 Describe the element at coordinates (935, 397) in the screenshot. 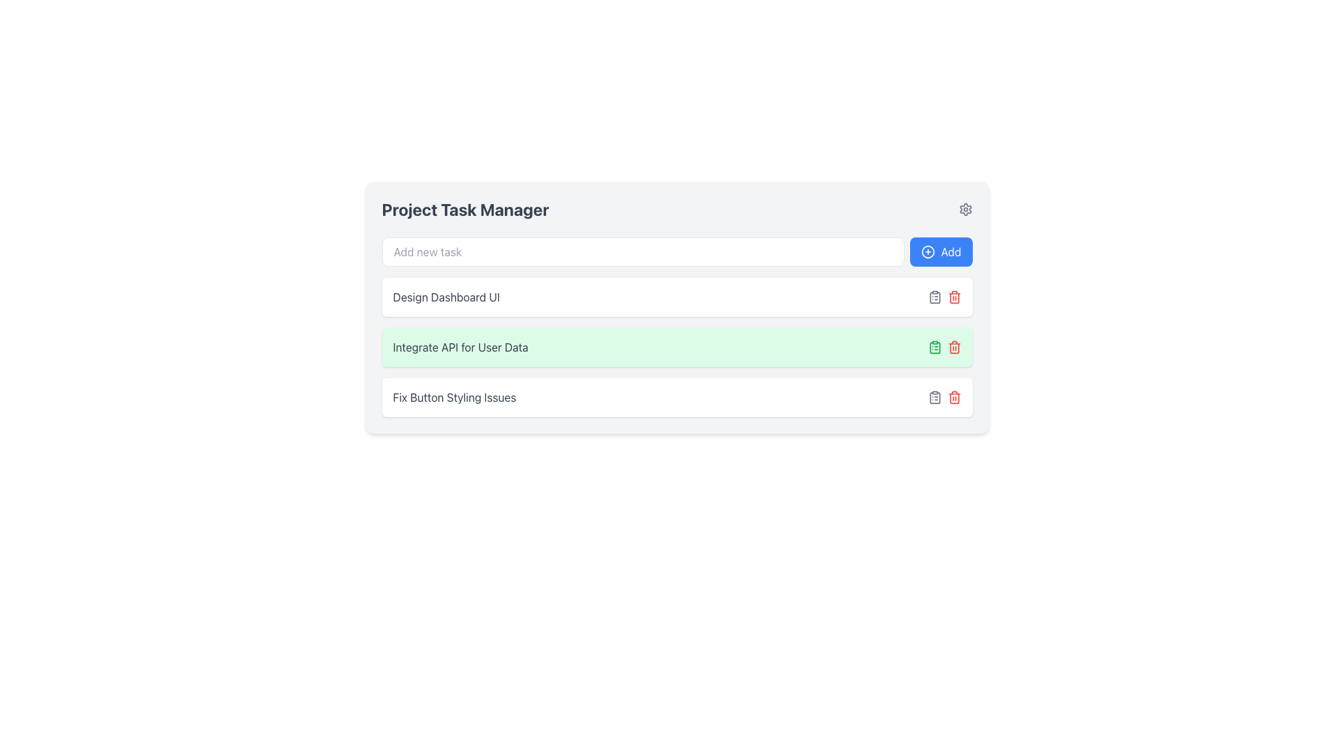

I see `the clipboard icon button that appears gray and changes to blue on hover, located to the left of the red trash bin icon in the third row of the task list labeled 'Integrate API for User Data'` at that location.